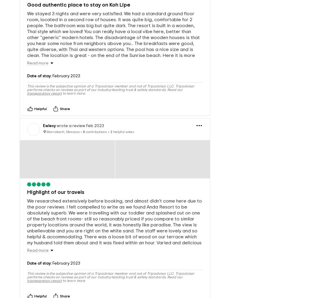 This screenshot has width=328, height=298. What do you see at coordinates (83, 121) in the screenshot?
I see `'8'` at bounding box center [83, 121].